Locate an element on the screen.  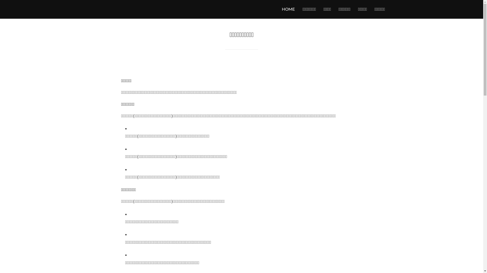
'HOME' is located at coordinates (281, 9).